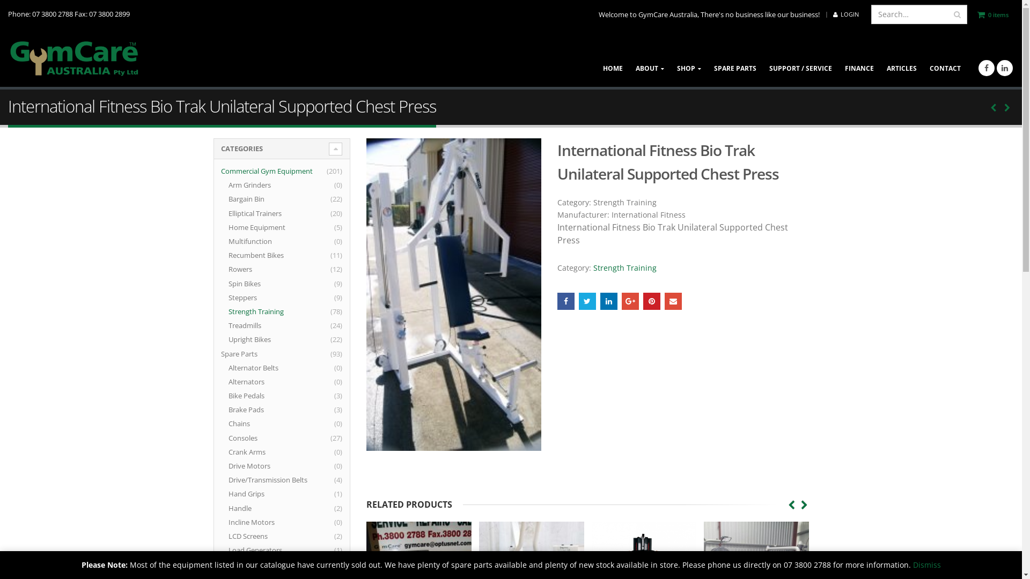 The width and height of the screenshot is (1030, 579). What do you see at coordinates (253, 452) in the screenshot?
I see `'Crank Arms'` at bounding box center [253, 452].